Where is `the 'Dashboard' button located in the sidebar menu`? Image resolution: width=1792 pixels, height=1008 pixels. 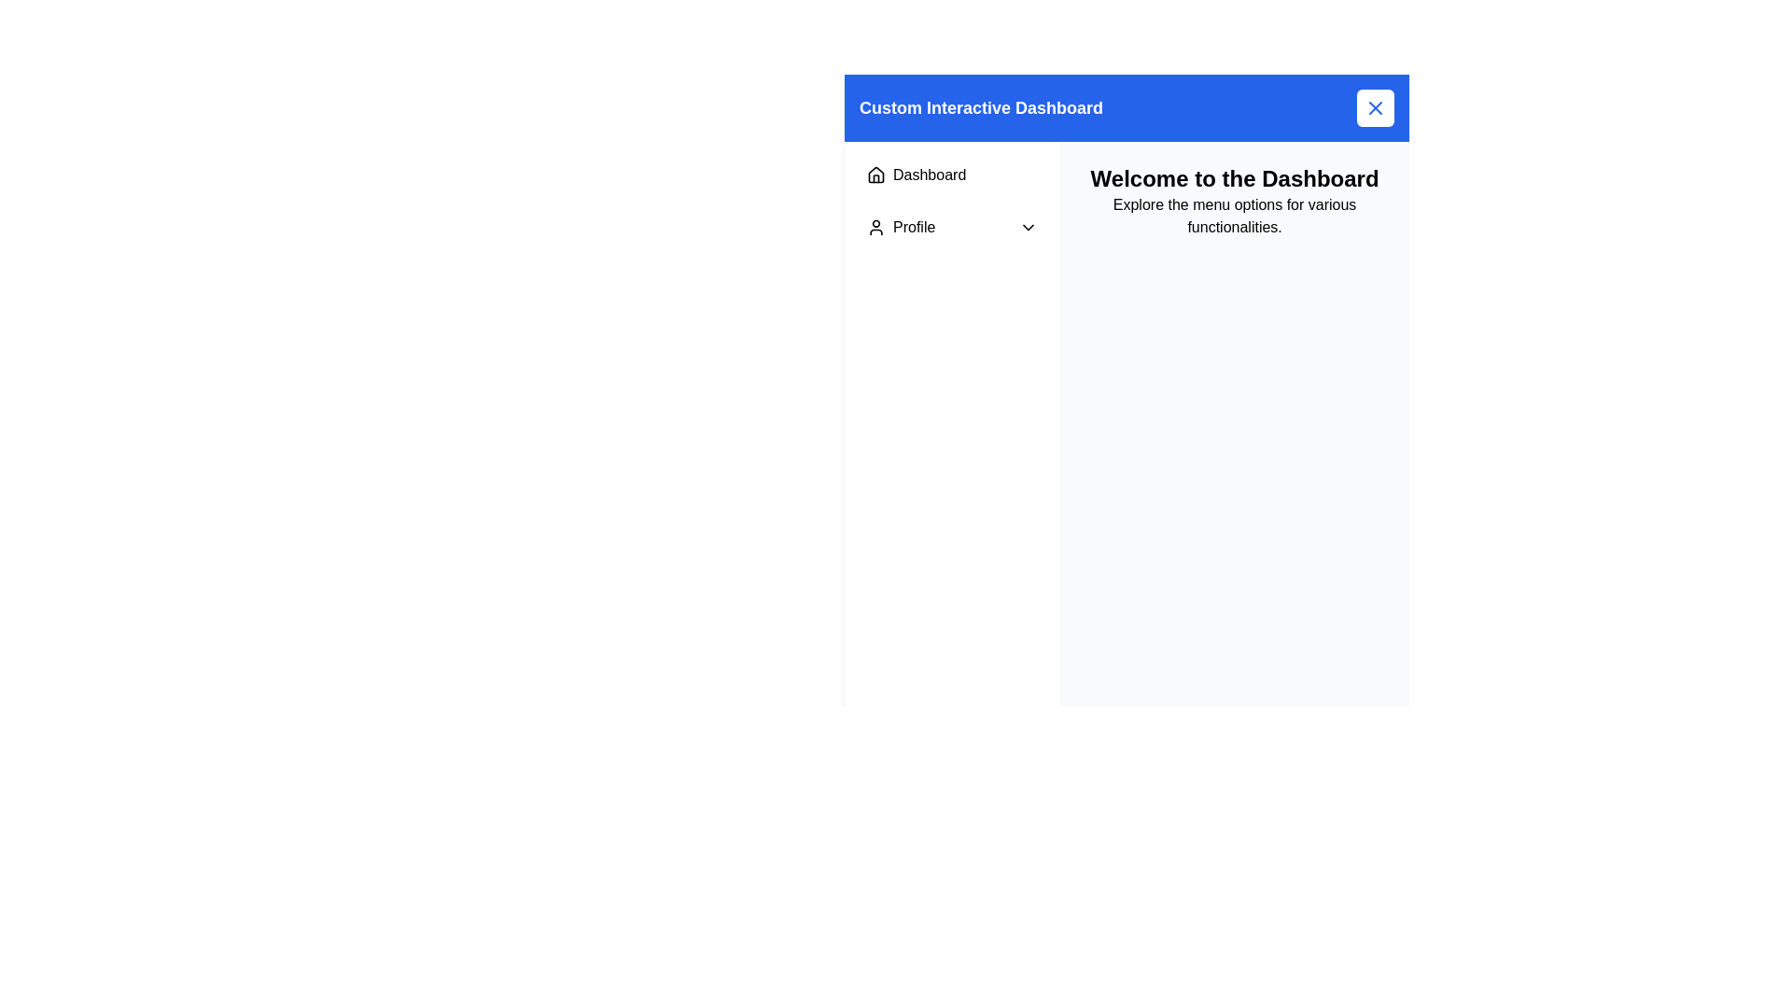 the 'Dashboard' button located in the sidebar menu is located at coordinates (952, 175).